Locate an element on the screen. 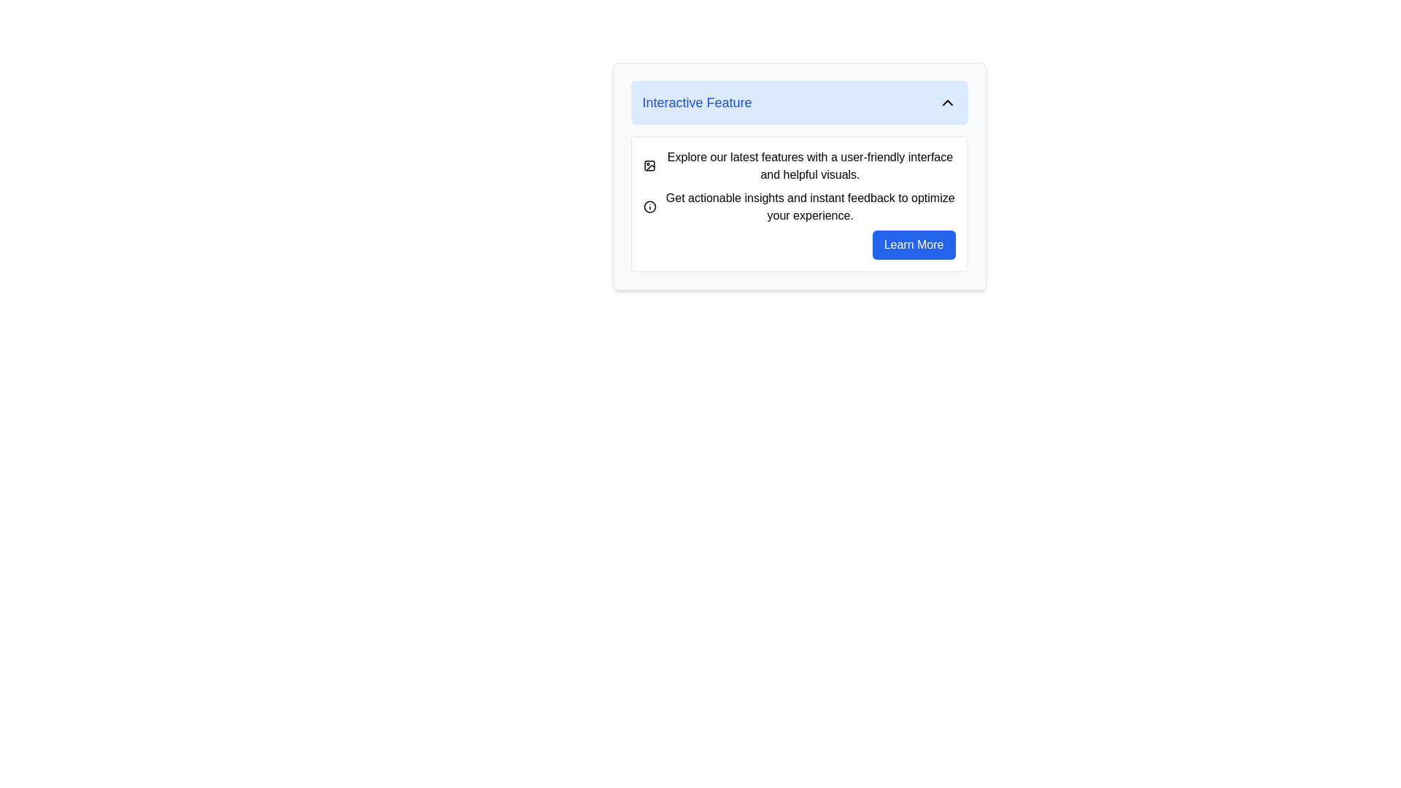 The height and width of the screenshot is (788, 1401). the upward-pointing arrow icon (Chevron Up) located at the far right of the light blue header bar next to the text 'Interactive Feature' is located at coordinates (947, 102).